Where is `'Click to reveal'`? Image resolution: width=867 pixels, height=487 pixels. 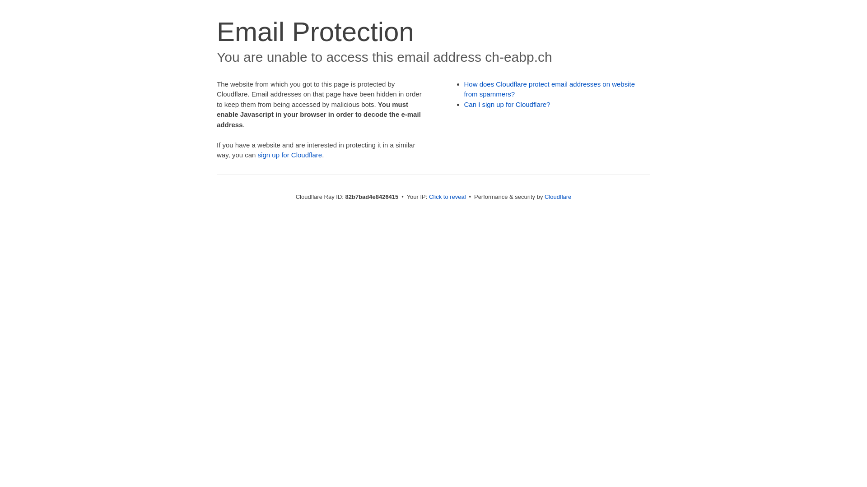
'Click to reveal' is located at coordinates (447, 196).